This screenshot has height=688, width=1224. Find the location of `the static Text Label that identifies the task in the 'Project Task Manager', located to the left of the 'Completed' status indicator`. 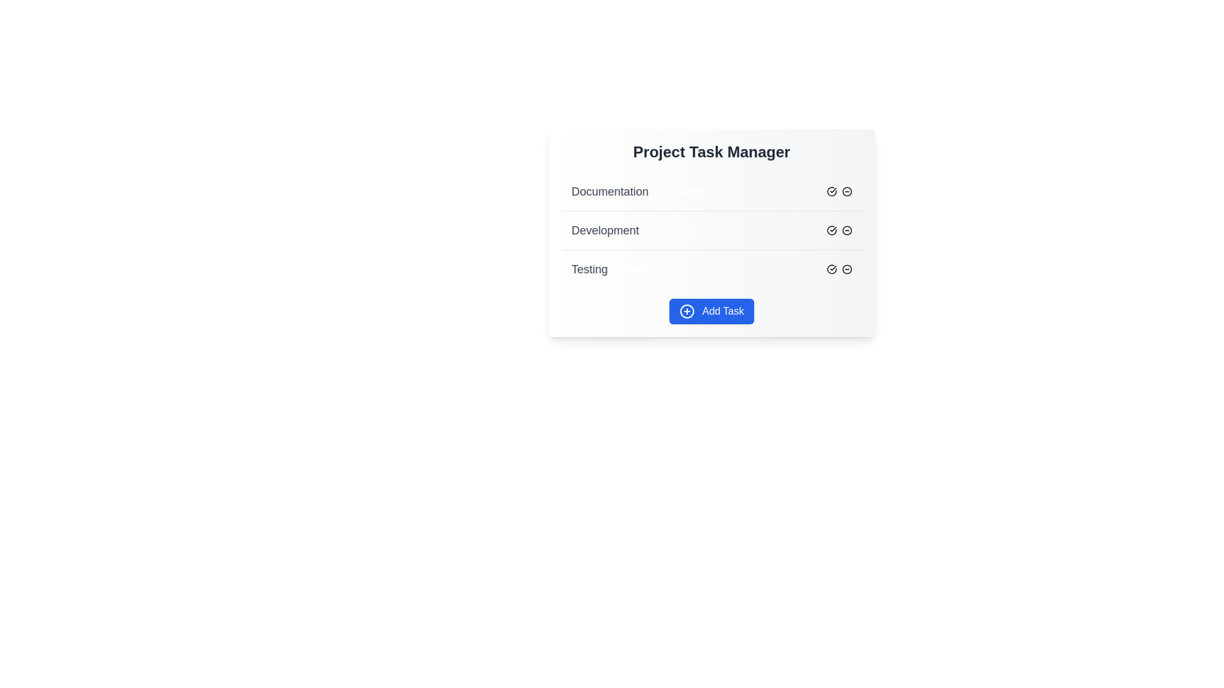

the static Text Label that identifies the task in the 'Project Task Manager', located to the left of the 'Completed' status indicator is located at coordinates (609, 191).